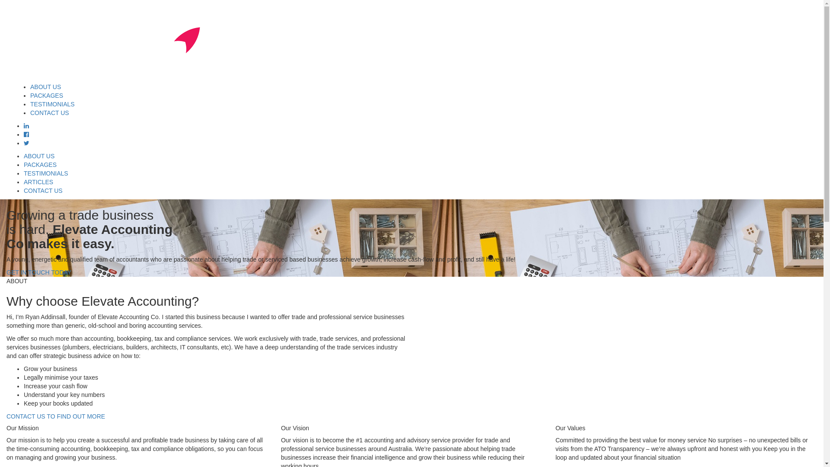 Image resolution: width=830 pixels, height=467 pixels. Describe the element at coordinates (30, 86) in the screenshot. I see `'ABOUT US'` at that location.